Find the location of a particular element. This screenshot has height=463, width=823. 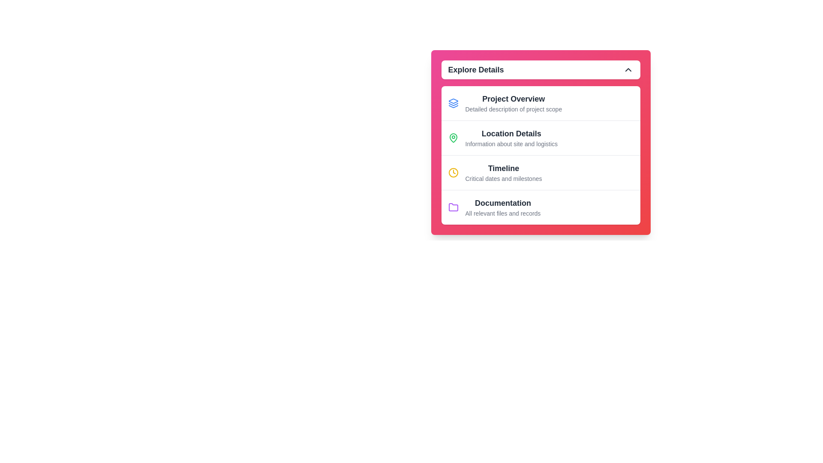

the heading text 'Timeline' which is styled larger and bold, located above the description 'Critical dates and milestones' in the 'Explore Details' panel is located at coordinates (504, 168).